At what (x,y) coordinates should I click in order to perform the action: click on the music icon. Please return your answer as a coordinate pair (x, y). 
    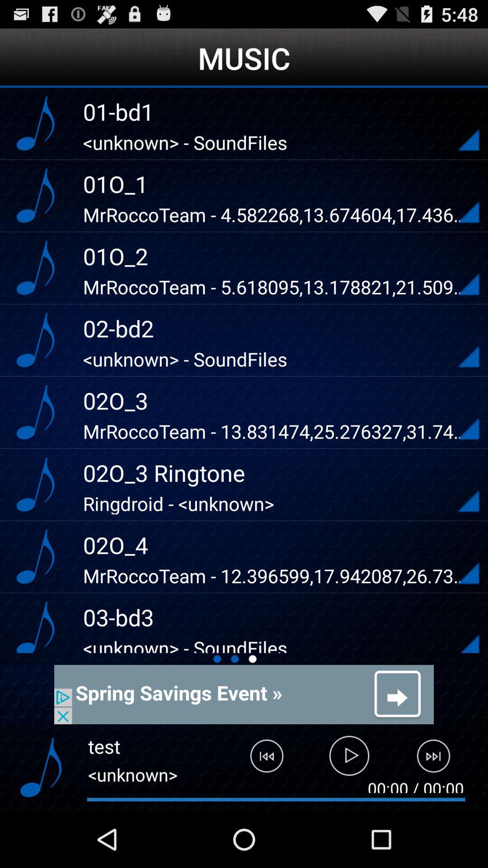
    Looking at the image, I should click on (41, 821).